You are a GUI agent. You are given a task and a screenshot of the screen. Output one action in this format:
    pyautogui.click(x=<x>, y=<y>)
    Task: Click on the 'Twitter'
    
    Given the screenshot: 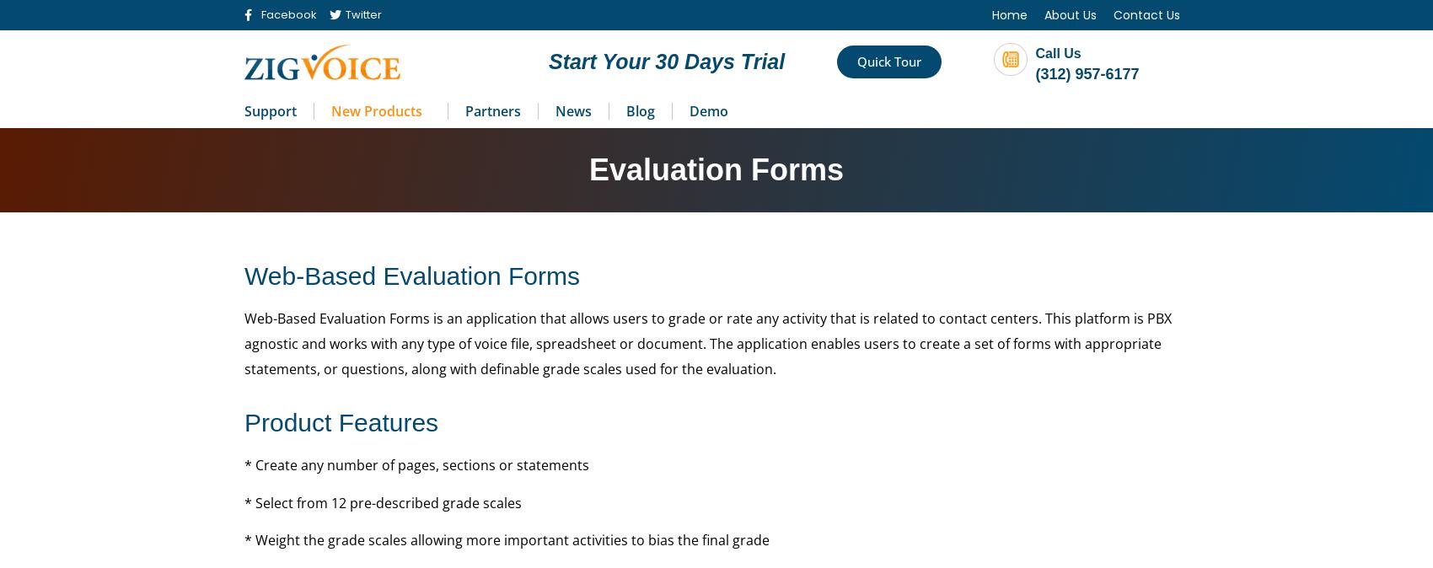 What is the action you would take?
    pyautogui.click(x=363, y=13)
    